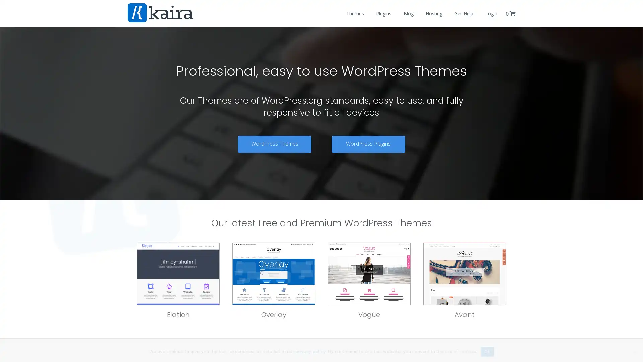  I want to click on WordPress Themes, so click(275, 143).